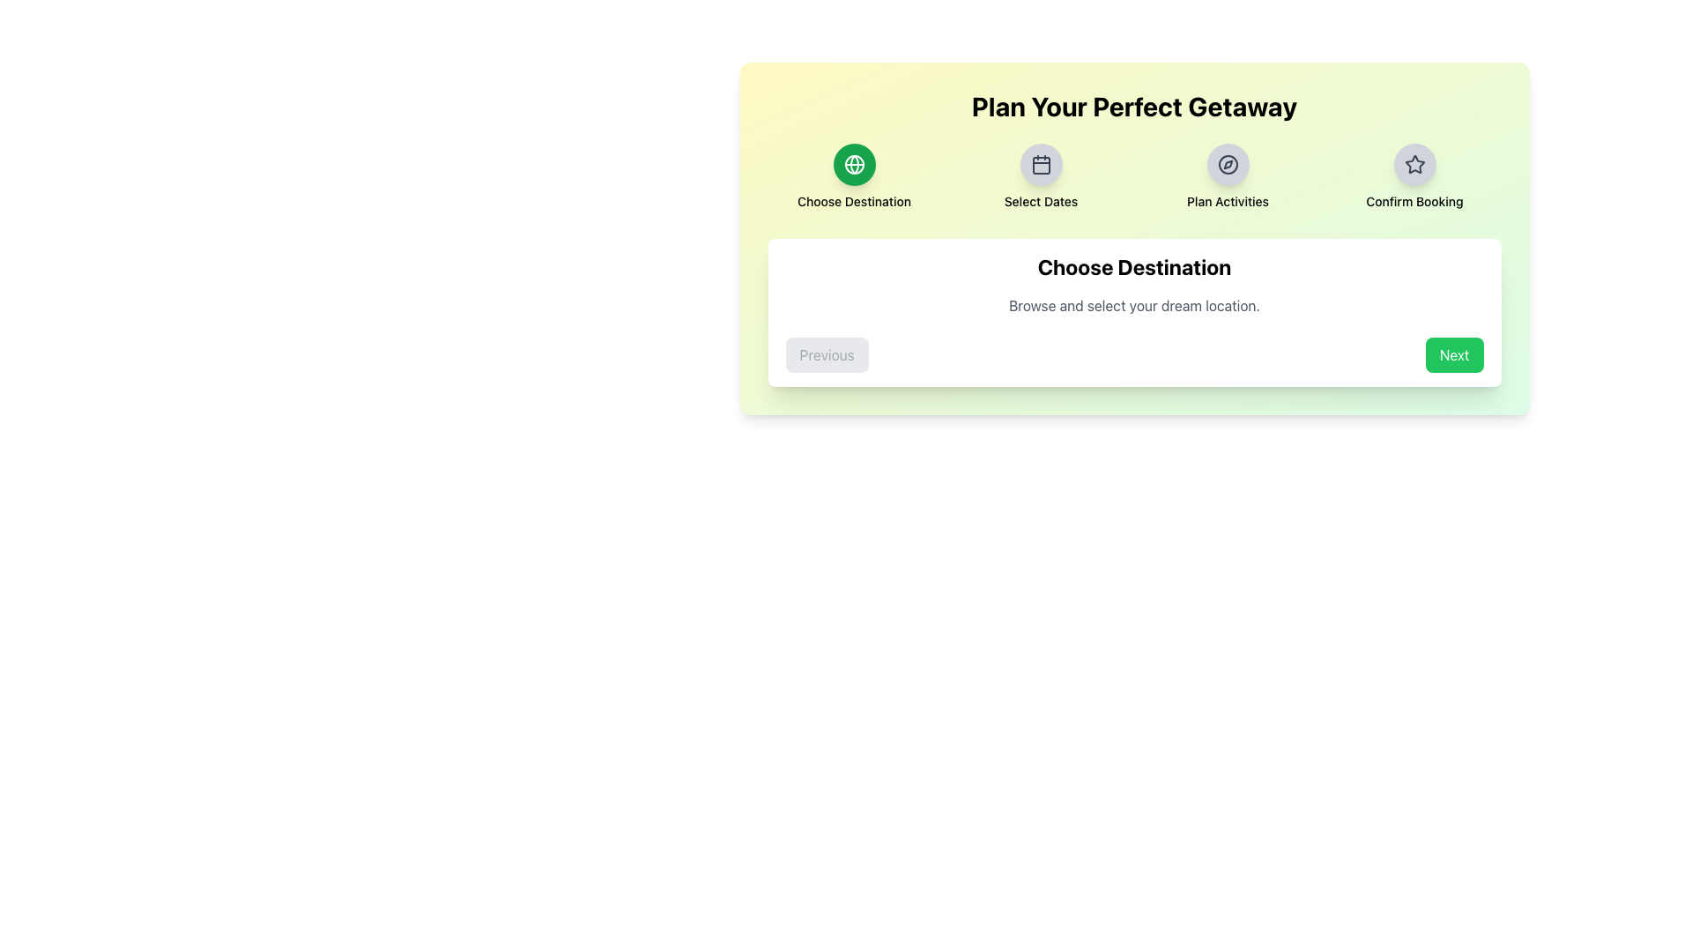 The image size is (1692, 952). Describe the element at coordinates (854, 164) in the screenshot. I see `the 'Choose Destination' icon located at the top left segment of the interface, above the 'Choose Destination' label` at that location.